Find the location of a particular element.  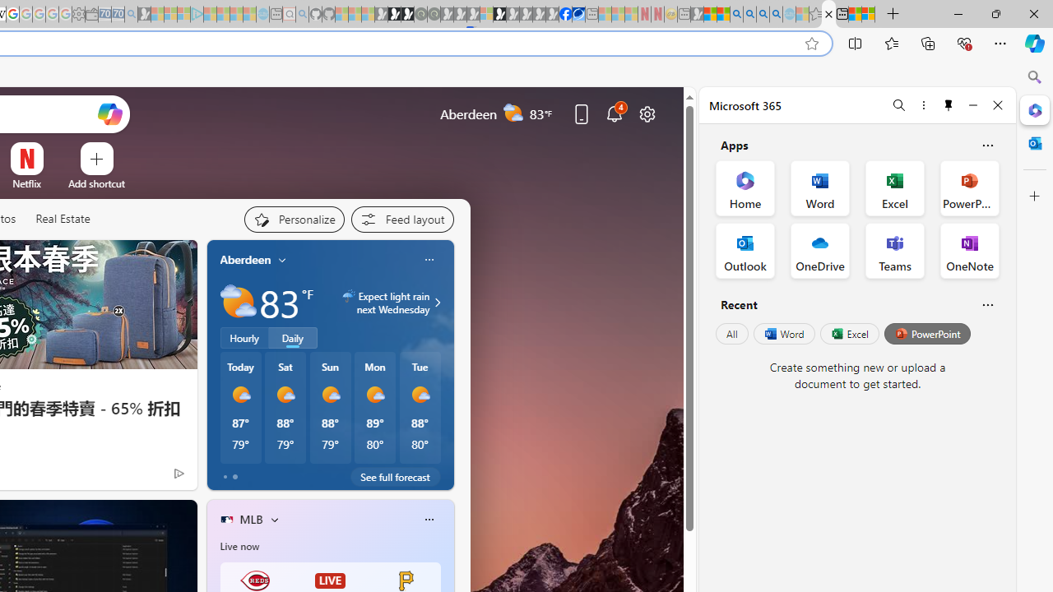

'Excel' is located at coordinates (849, 333).